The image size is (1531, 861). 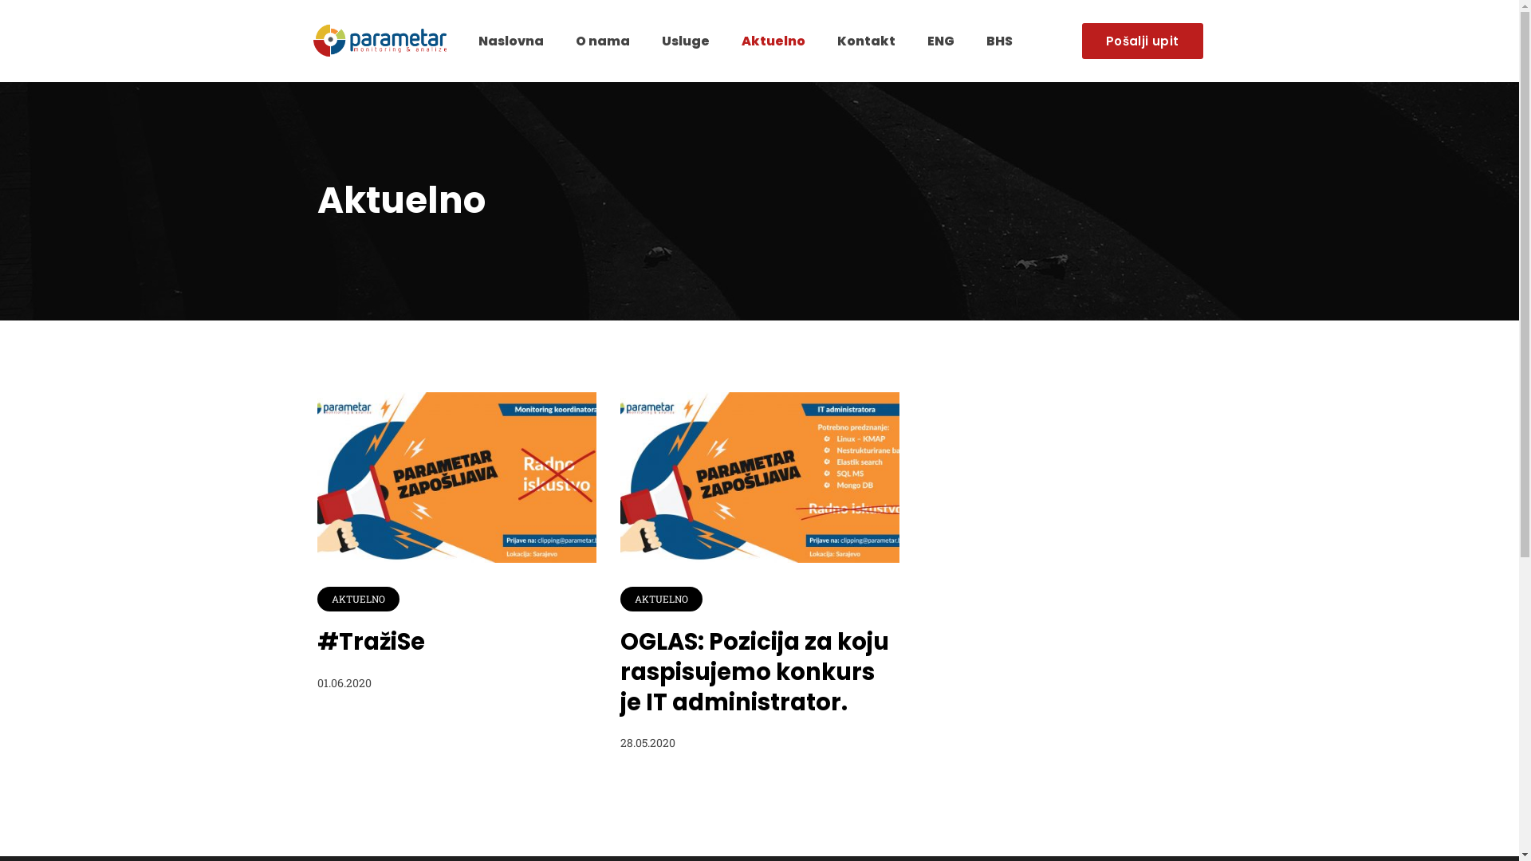 I want to click on 'O nama', so click(x=601, y=40).